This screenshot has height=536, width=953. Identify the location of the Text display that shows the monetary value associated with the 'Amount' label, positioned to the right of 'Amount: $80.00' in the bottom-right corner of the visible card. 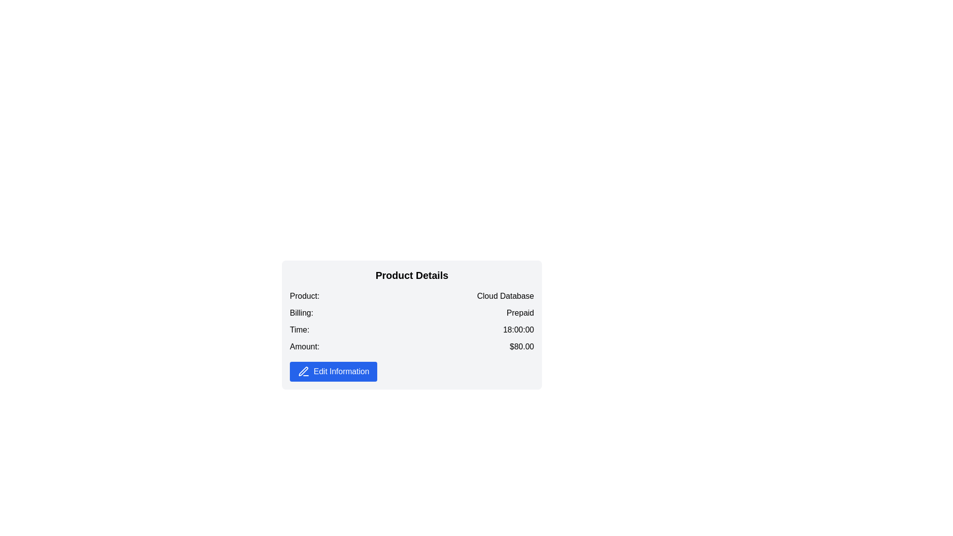
(521, 346).